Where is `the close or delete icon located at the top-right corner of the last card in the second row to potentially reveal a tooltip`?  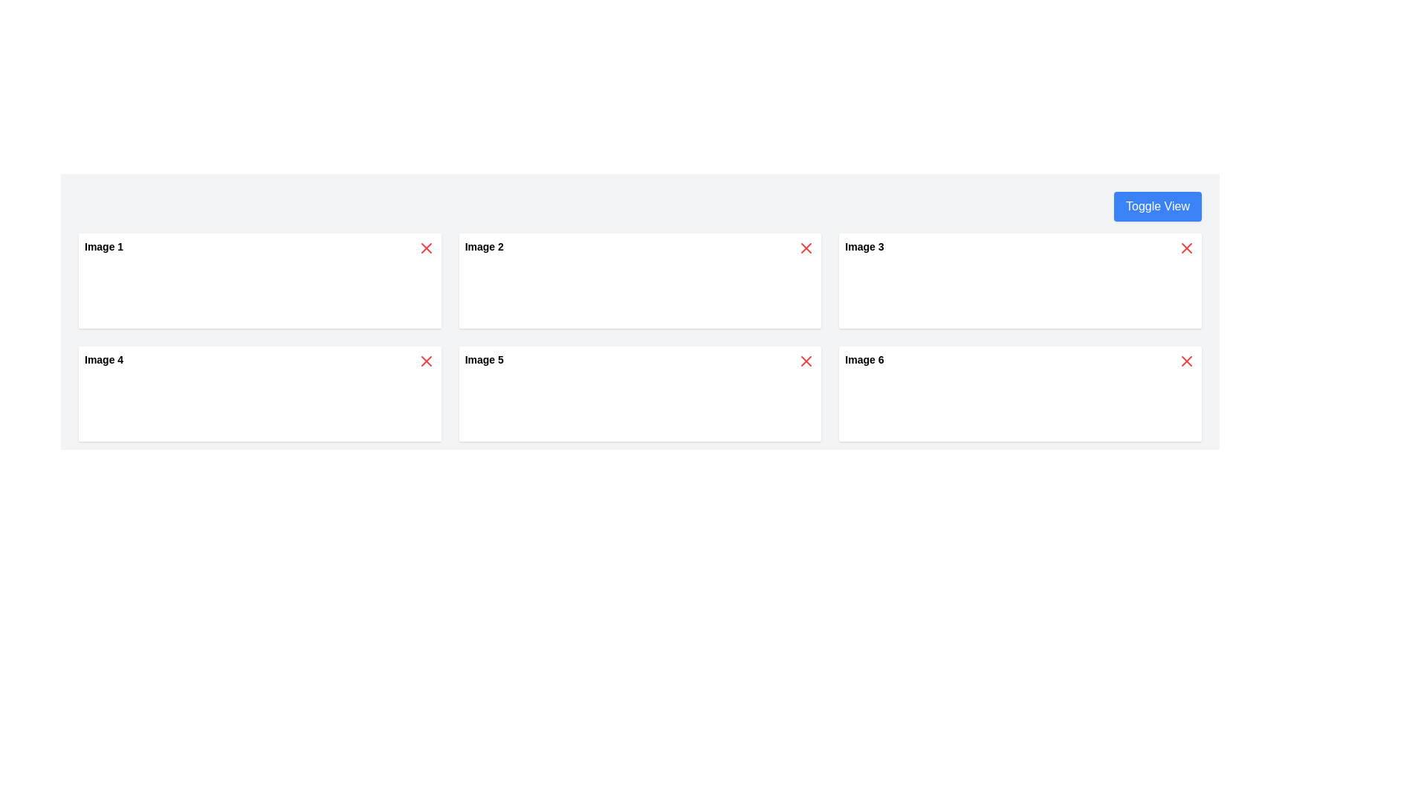
the close or delete icon located at the top-right corner of the last card in the second row to potentially reveal a tooltip is located at coordinates (1186, 361).